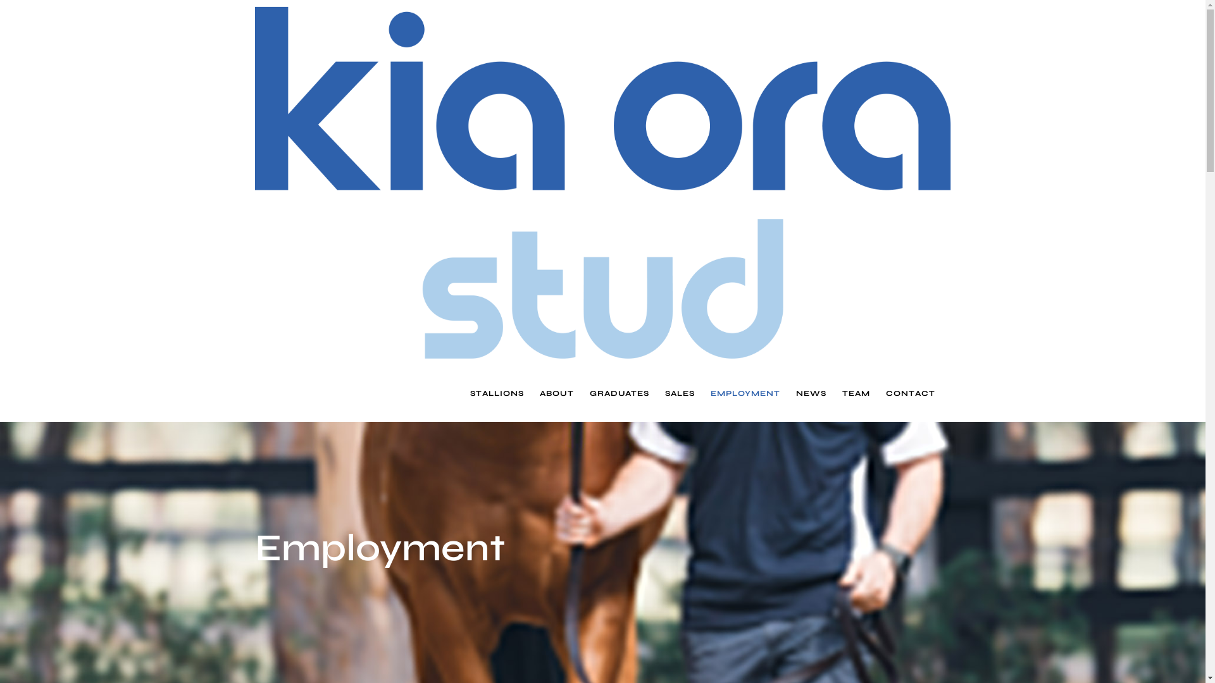 The image size is (1215, 683). Describe the element at coordinates (856, 392) in the screenshot. I see `'TEAM'` at that location.